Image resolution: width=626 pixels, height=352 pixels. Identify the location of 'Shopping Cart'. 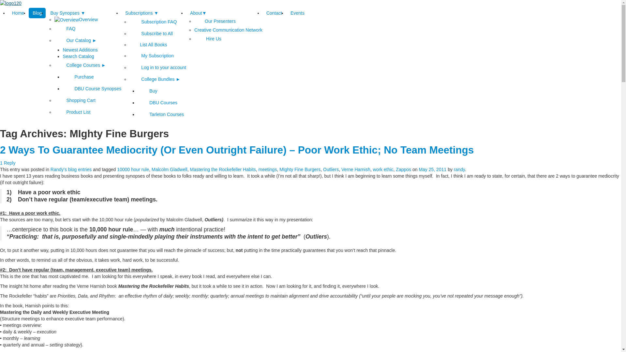
(54, 100).